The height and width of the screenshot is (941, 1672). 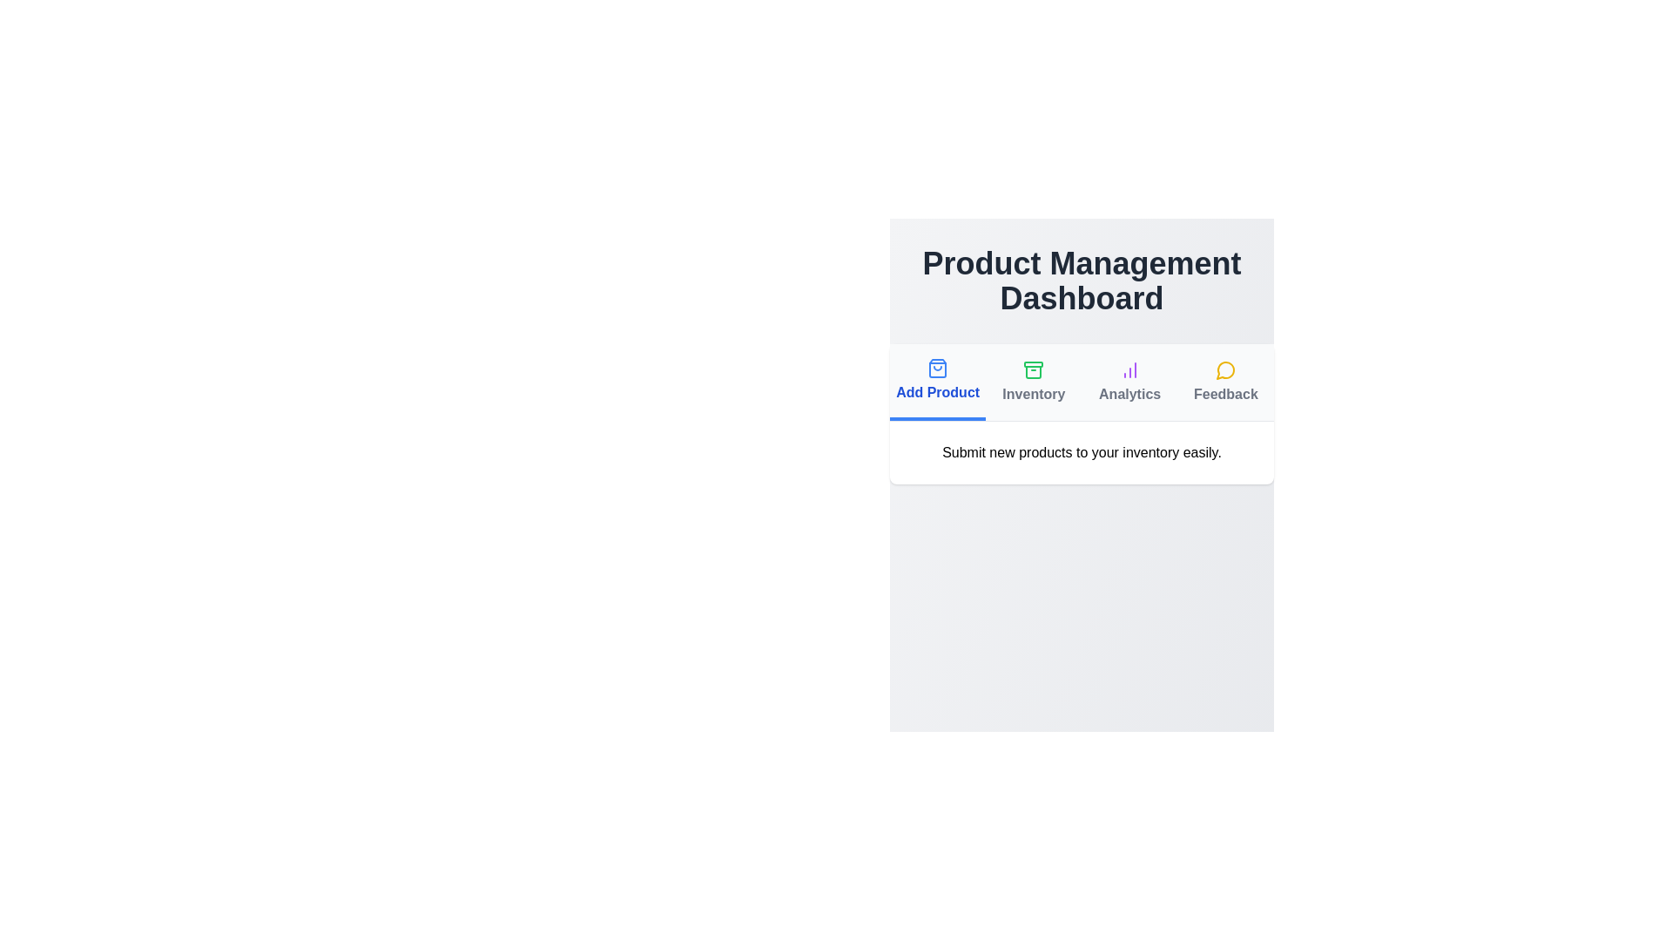 I want to click on the 'Analytics' text label in the Product Management Dashboard toolbar, which is the third item after 'Add Product' and 'Inventory', so click(x=1129, y=394).